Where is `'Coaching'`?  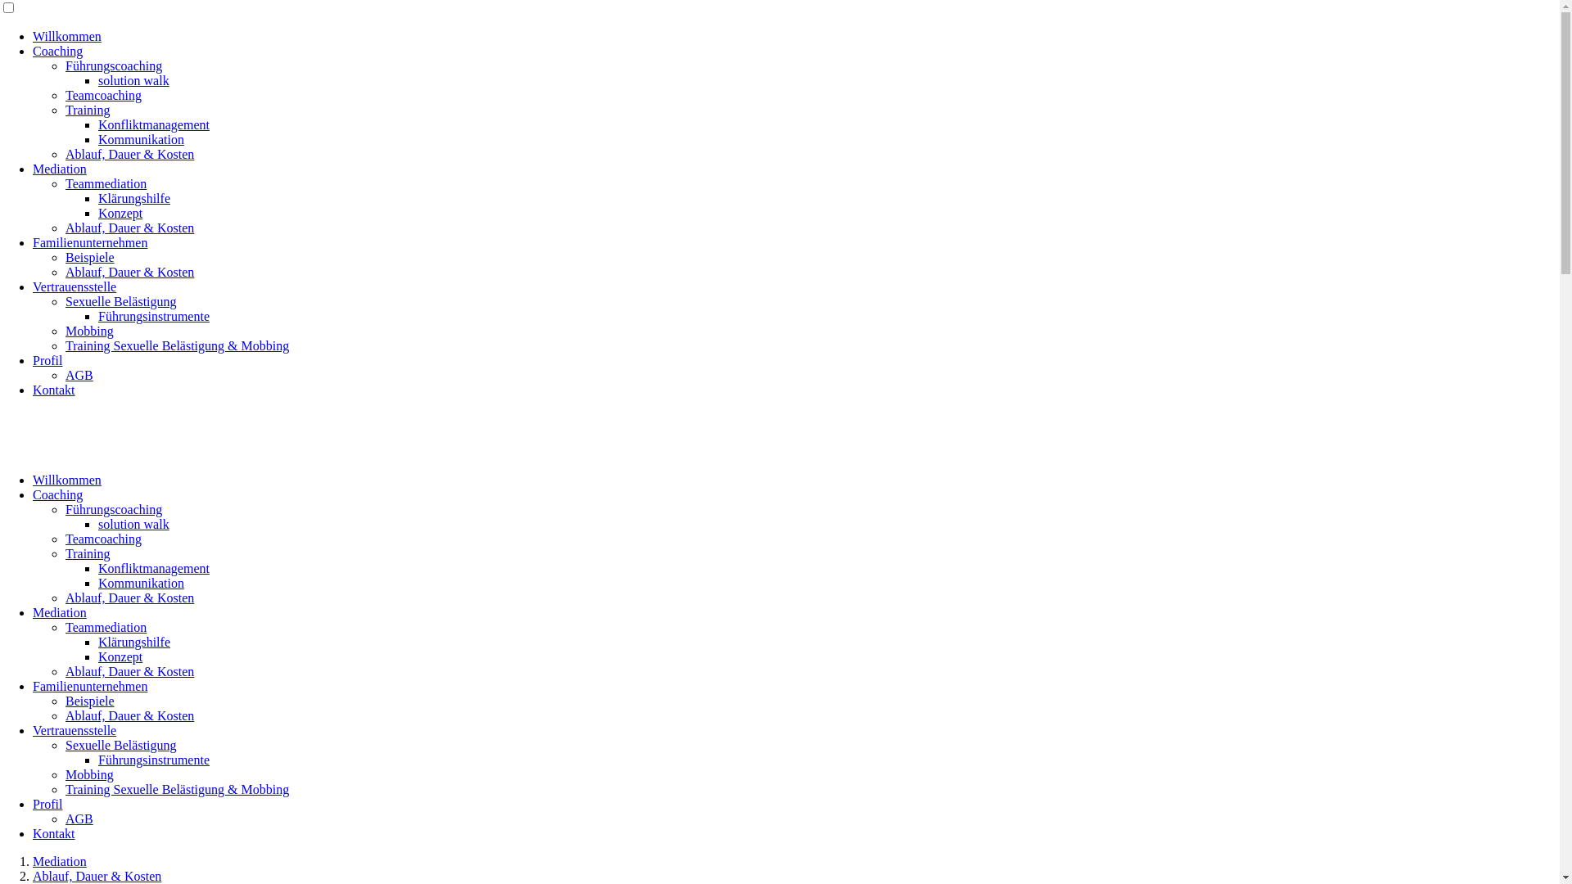
'Coaching' is located at coordinates (57, 50).